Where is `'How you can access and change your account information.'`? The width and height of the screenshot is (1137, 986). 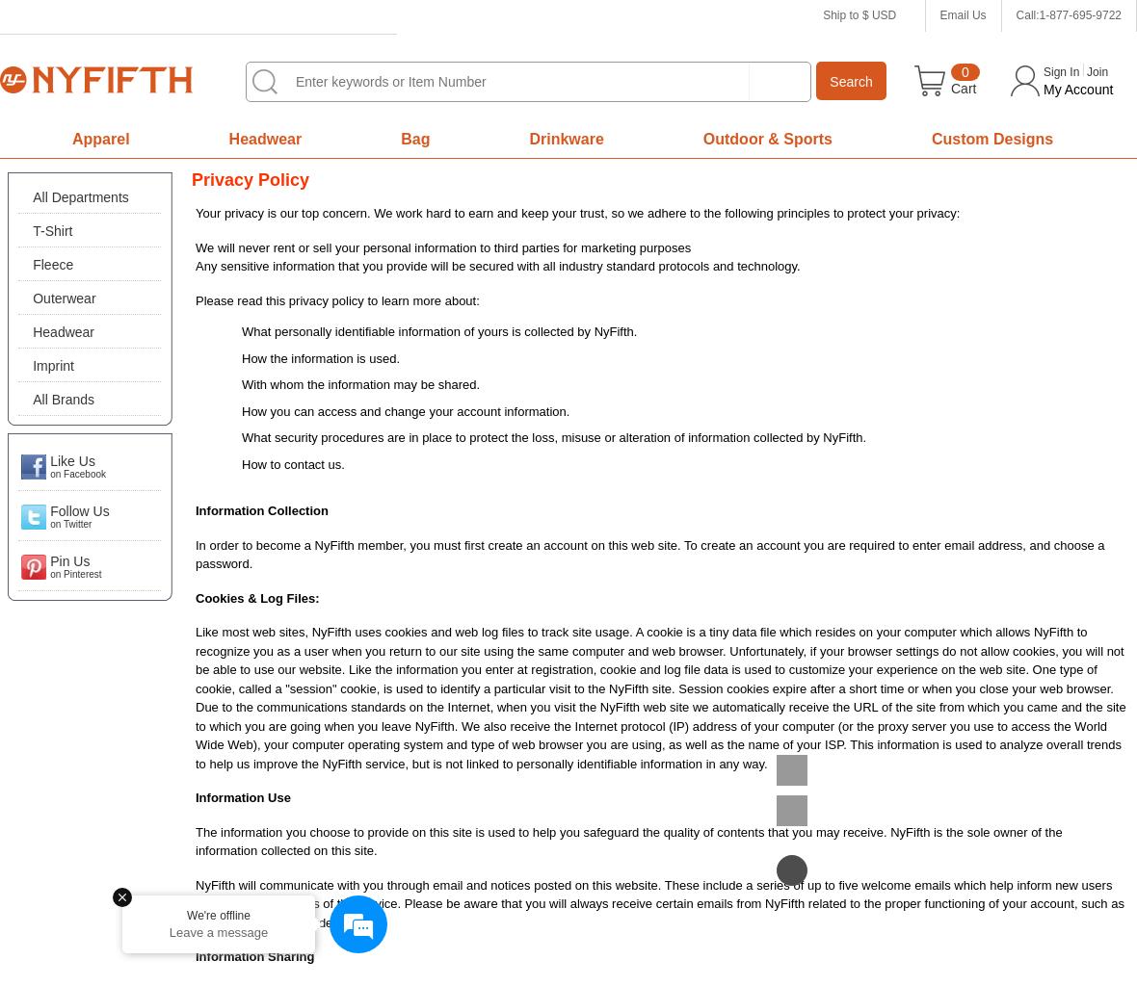
'How you can access and change your account information.' is located at coordinates (405, 409).